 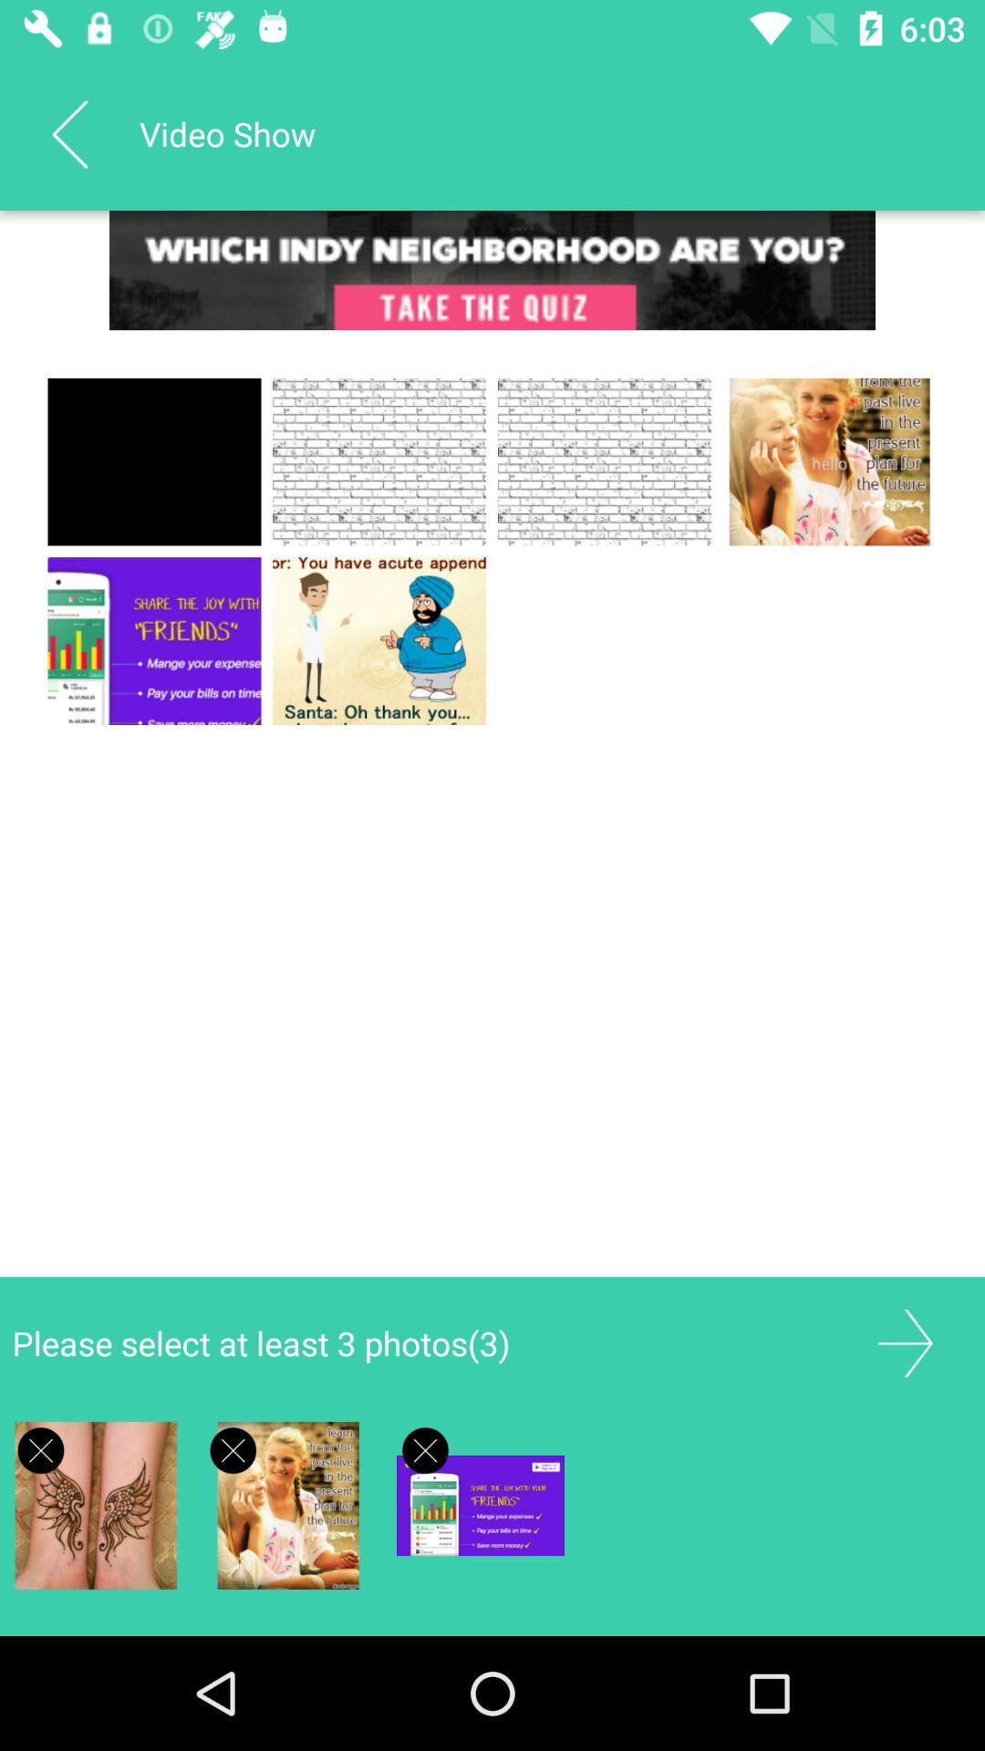 I want to click on advertisement, so click(x=493, y=269).